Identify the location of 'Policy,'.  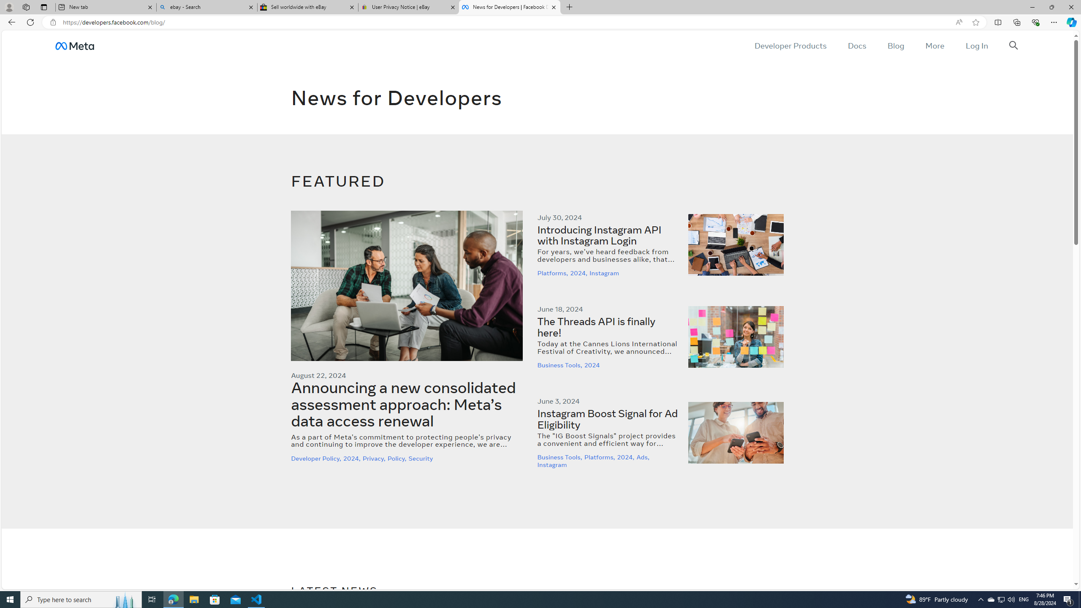
(397, 458).